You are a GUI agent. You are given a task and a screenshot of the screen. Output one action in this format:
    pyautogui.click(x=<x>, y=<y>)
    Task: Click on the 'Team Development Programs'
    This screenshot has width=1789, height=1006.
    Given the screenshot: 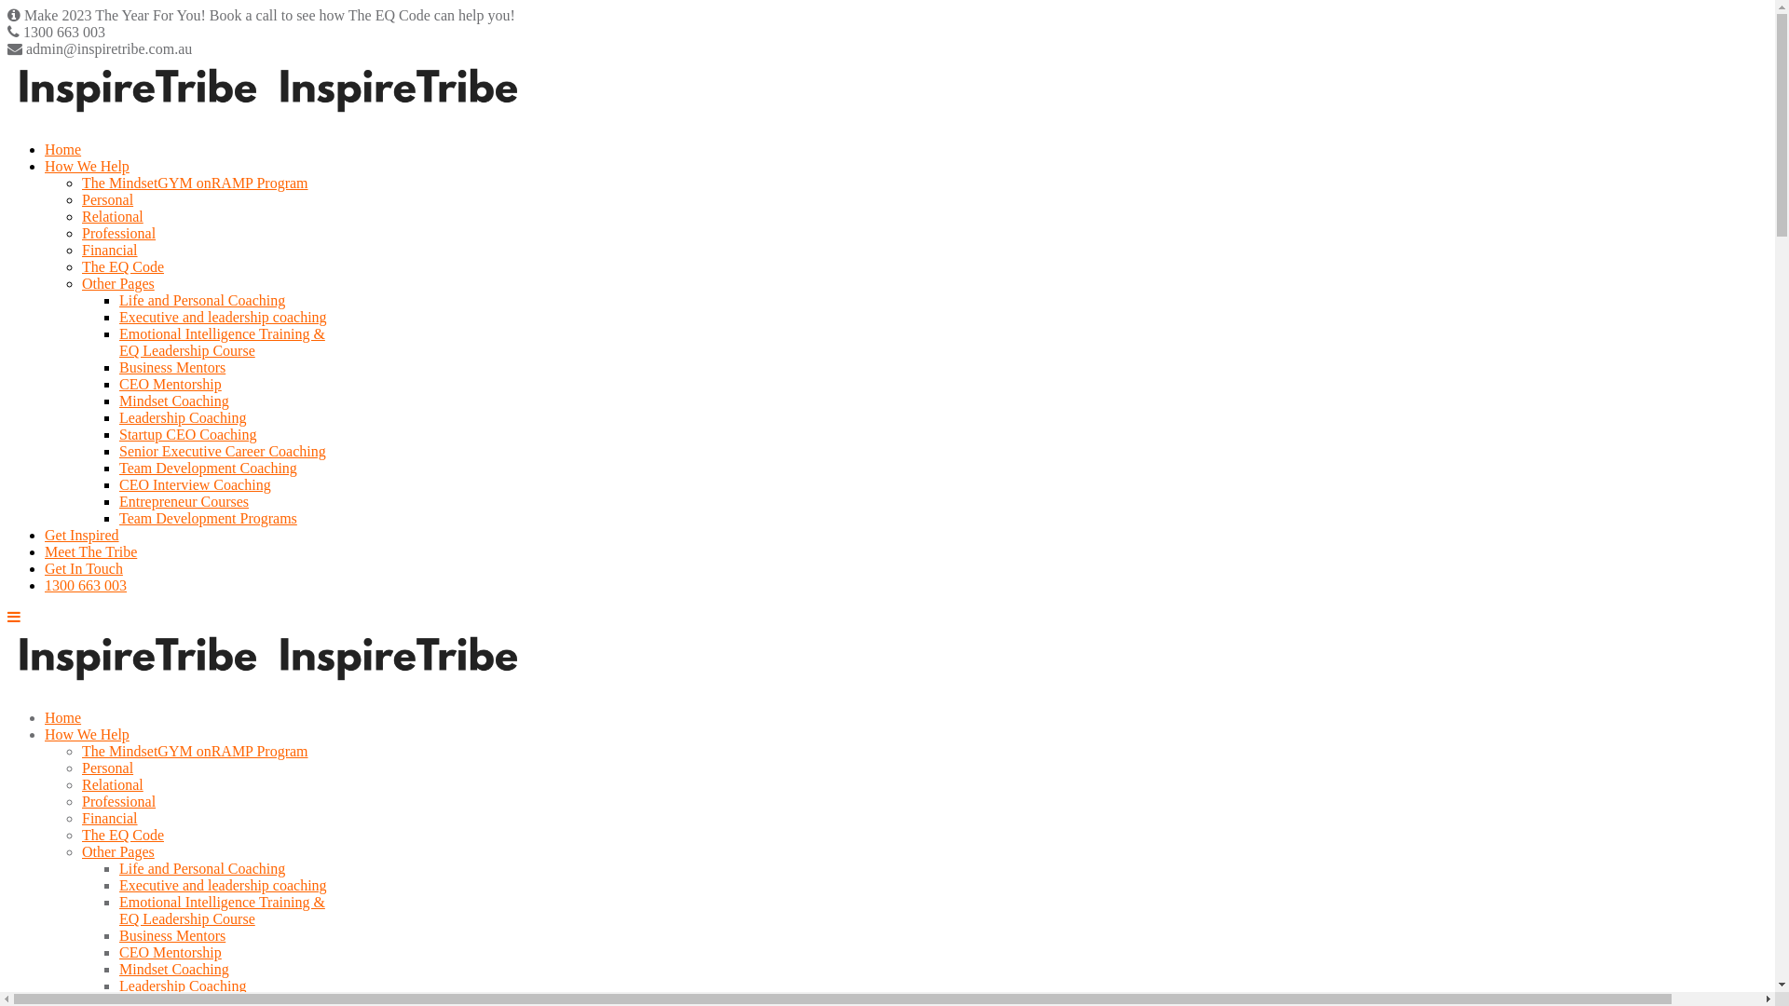 What is the action you would take?
    pyautogui.click(x=208, y=518)
    